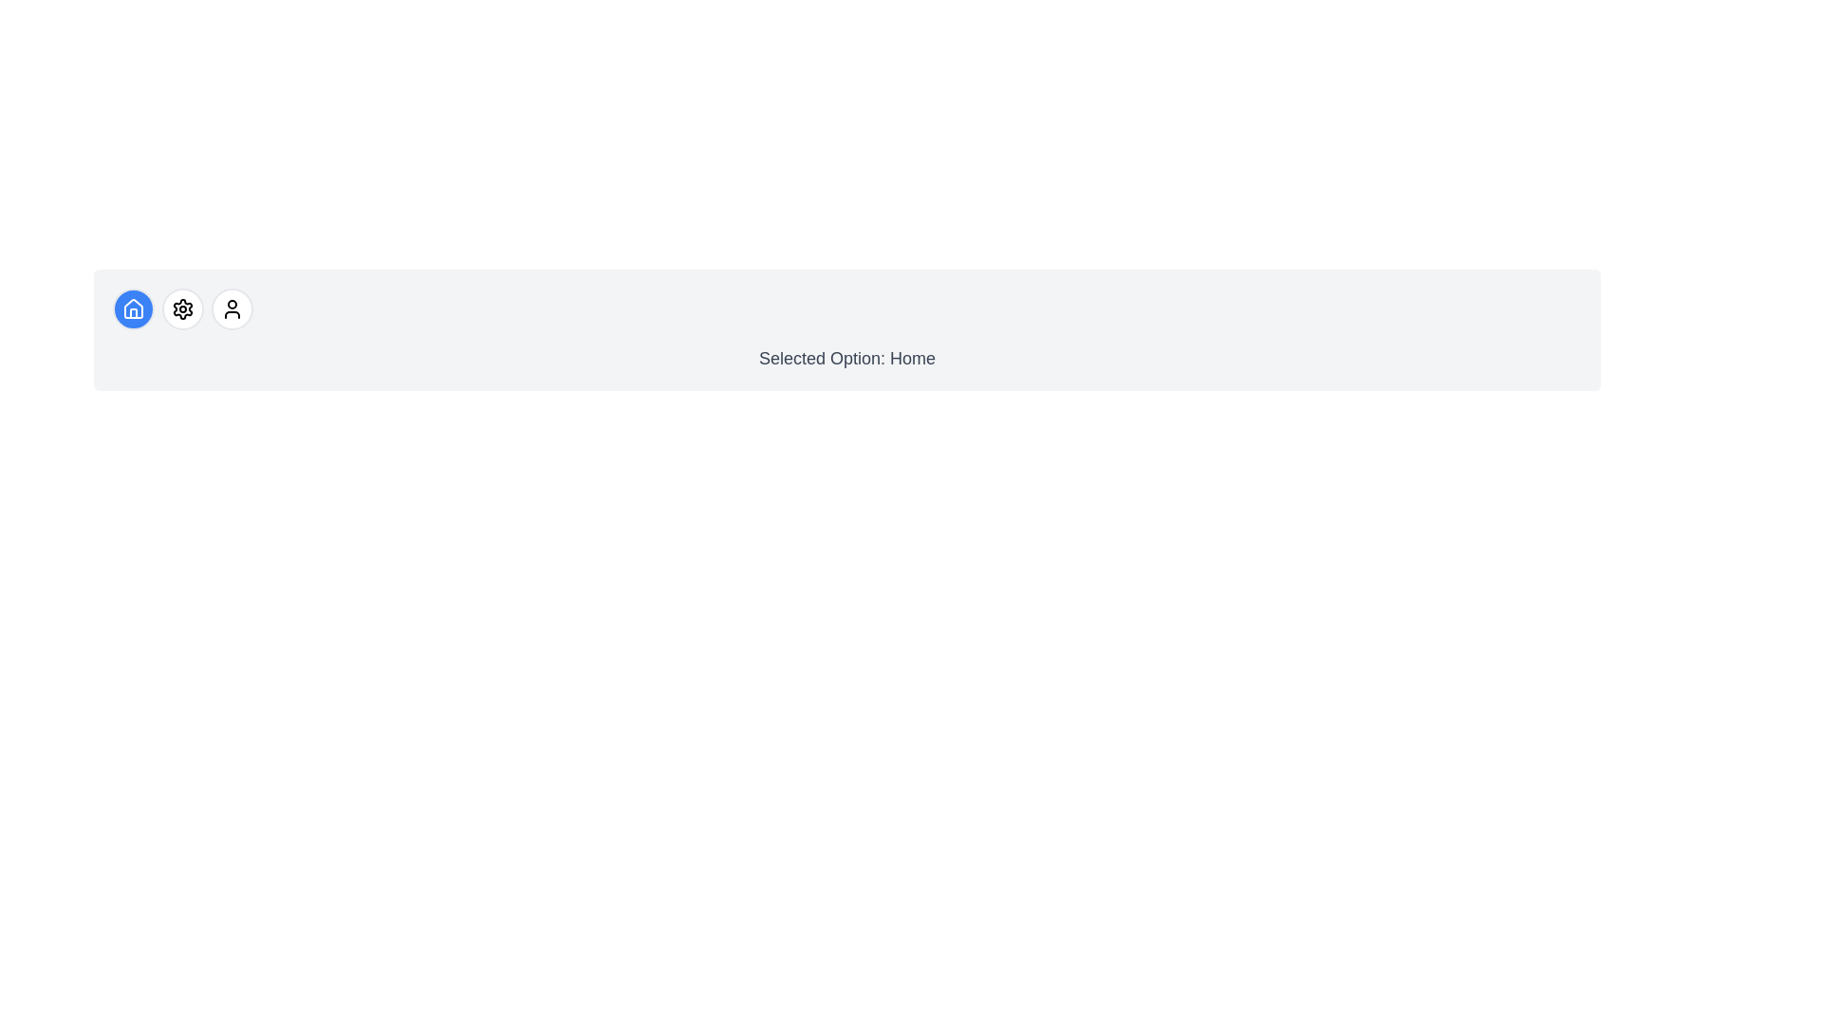 The height and width of the screenshot is (1025, 1822). Describe the element at coordinates (231, 308) in the screenshot. I see `the icon button corresponding to user` at that location.